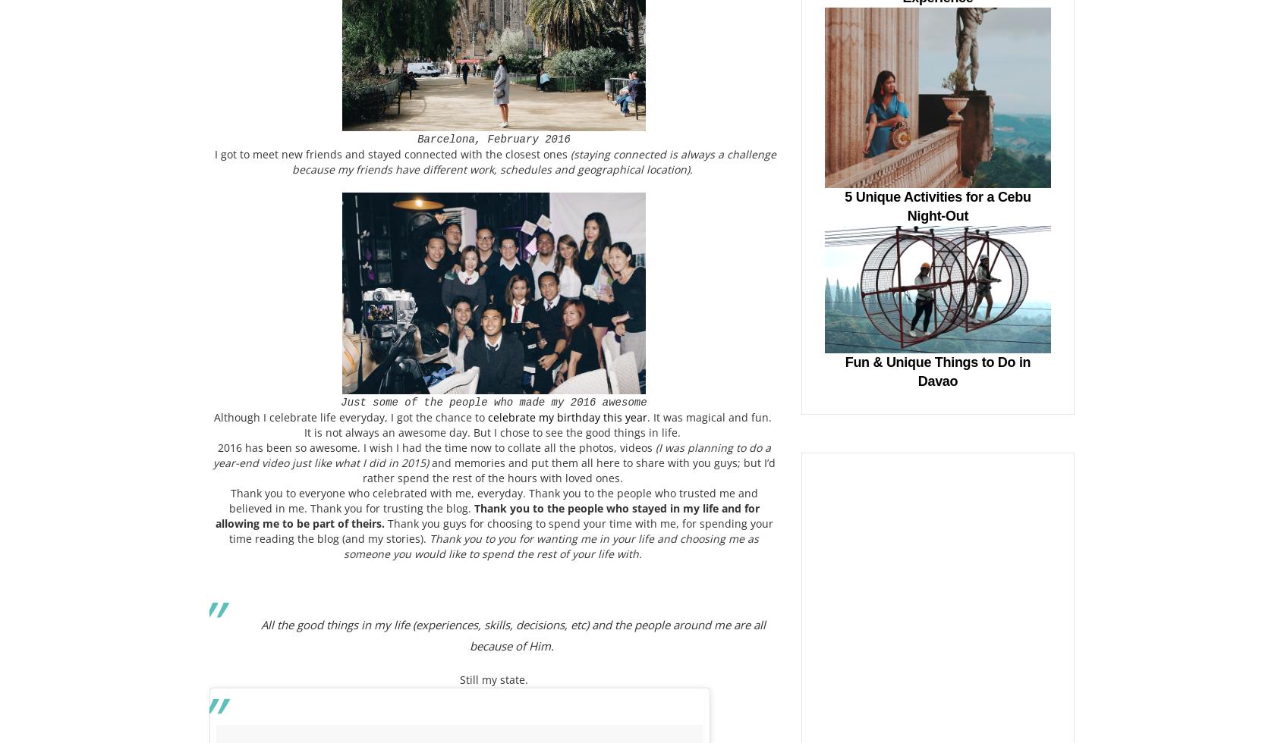  I want to click on '. It was magical and fun.', so click(710, 417).